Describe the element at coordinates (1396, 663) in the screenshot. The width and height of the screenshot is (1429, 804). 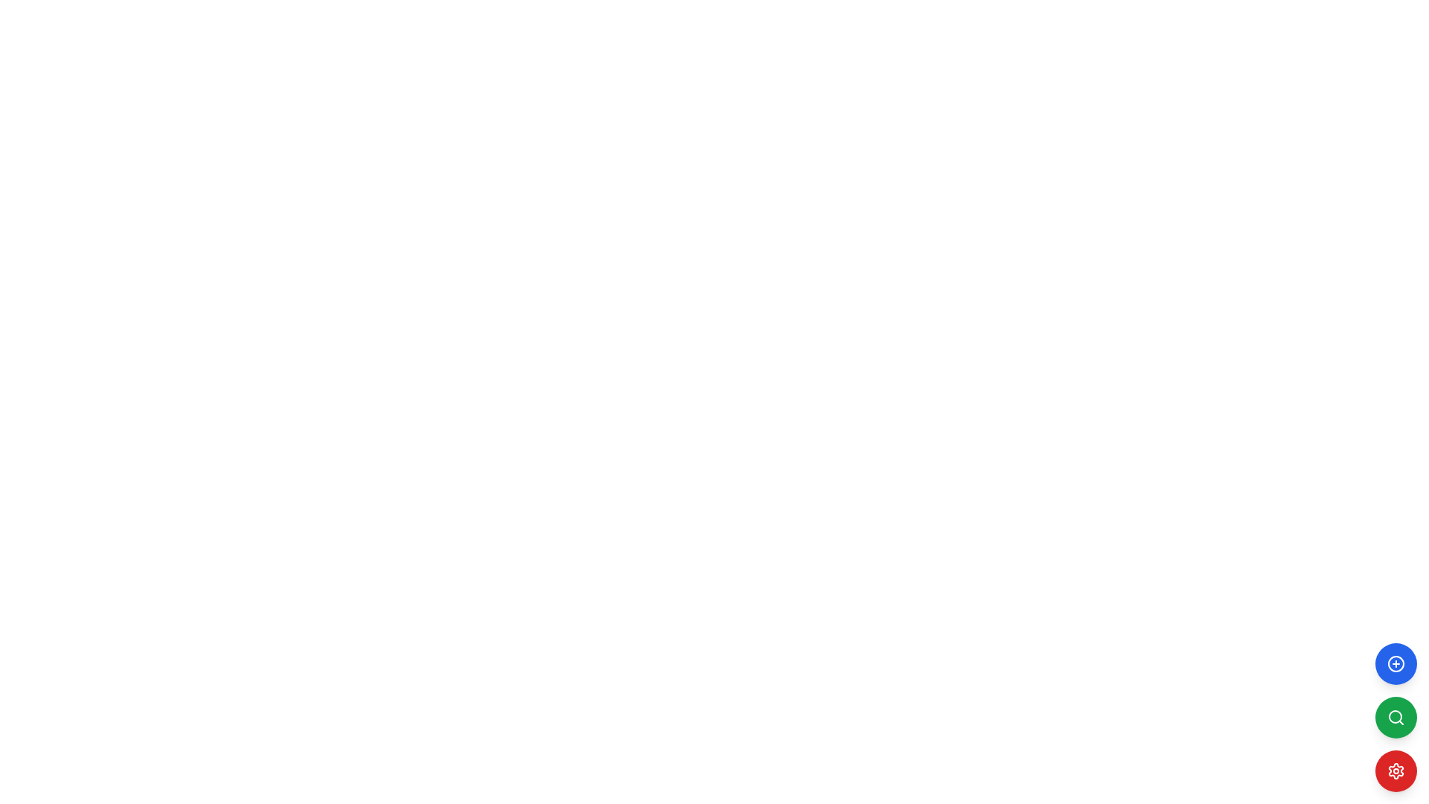
I see `the topmost blue circular icon with a plus symbol, which is the first in a vertical stack of three icons on the right side of the interface` at that location.